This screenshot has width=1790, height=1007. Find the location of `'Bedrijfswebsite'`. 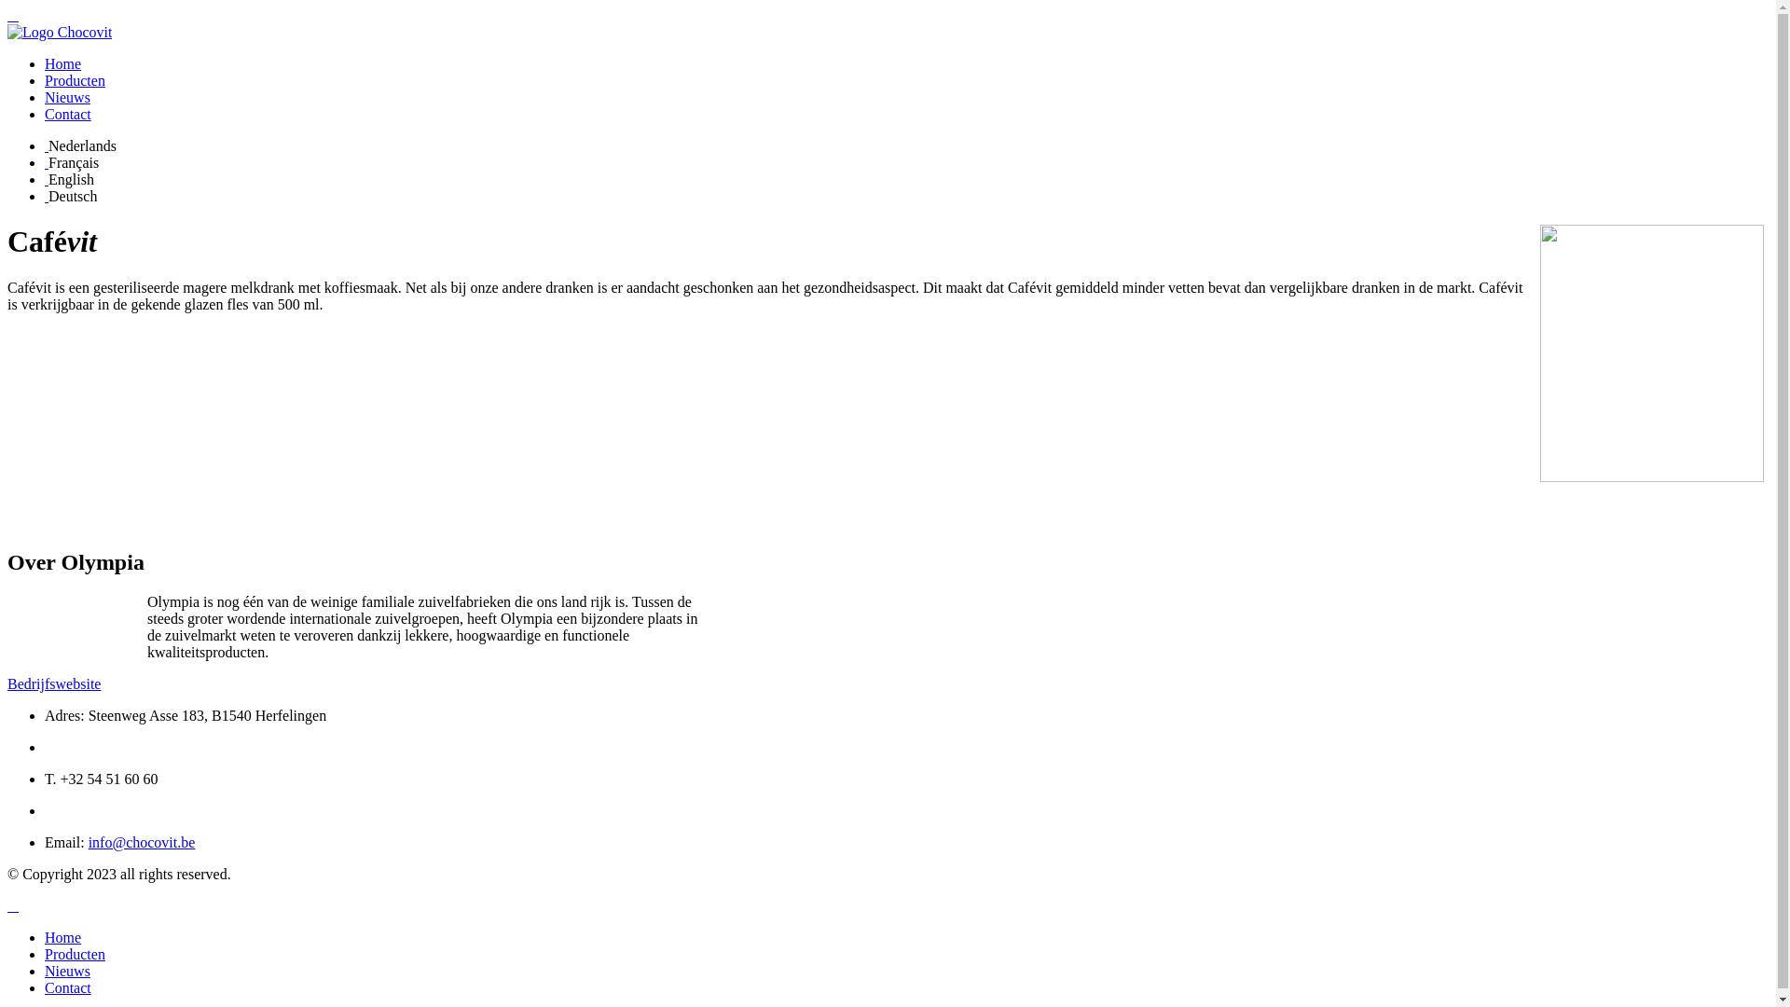

'Bedrijfswebsite' is located at coordinates (7, 683).